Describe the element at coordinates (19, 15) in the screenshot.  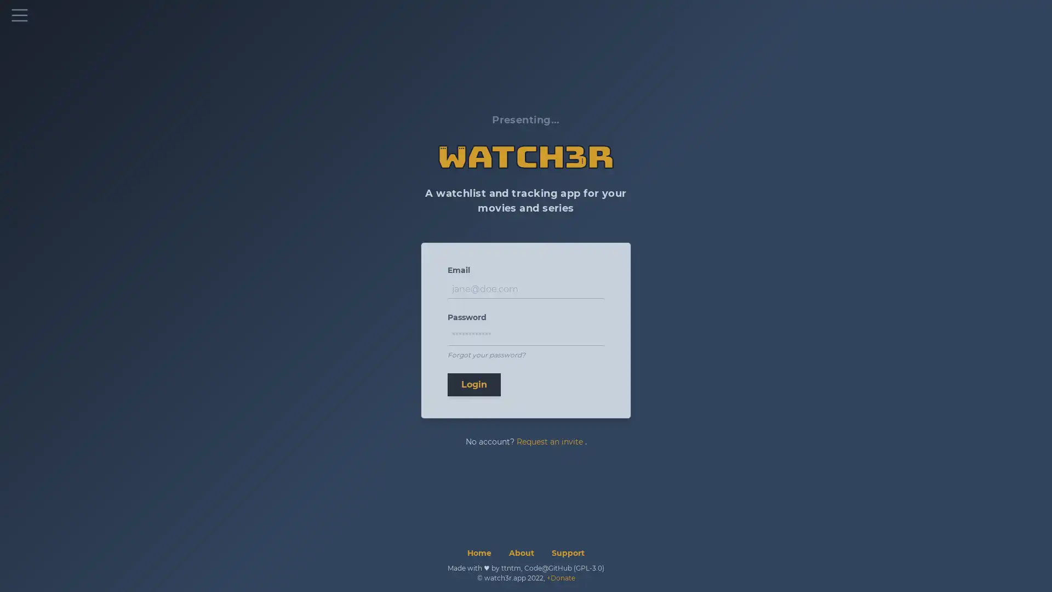
I see `Open menu` at that location.